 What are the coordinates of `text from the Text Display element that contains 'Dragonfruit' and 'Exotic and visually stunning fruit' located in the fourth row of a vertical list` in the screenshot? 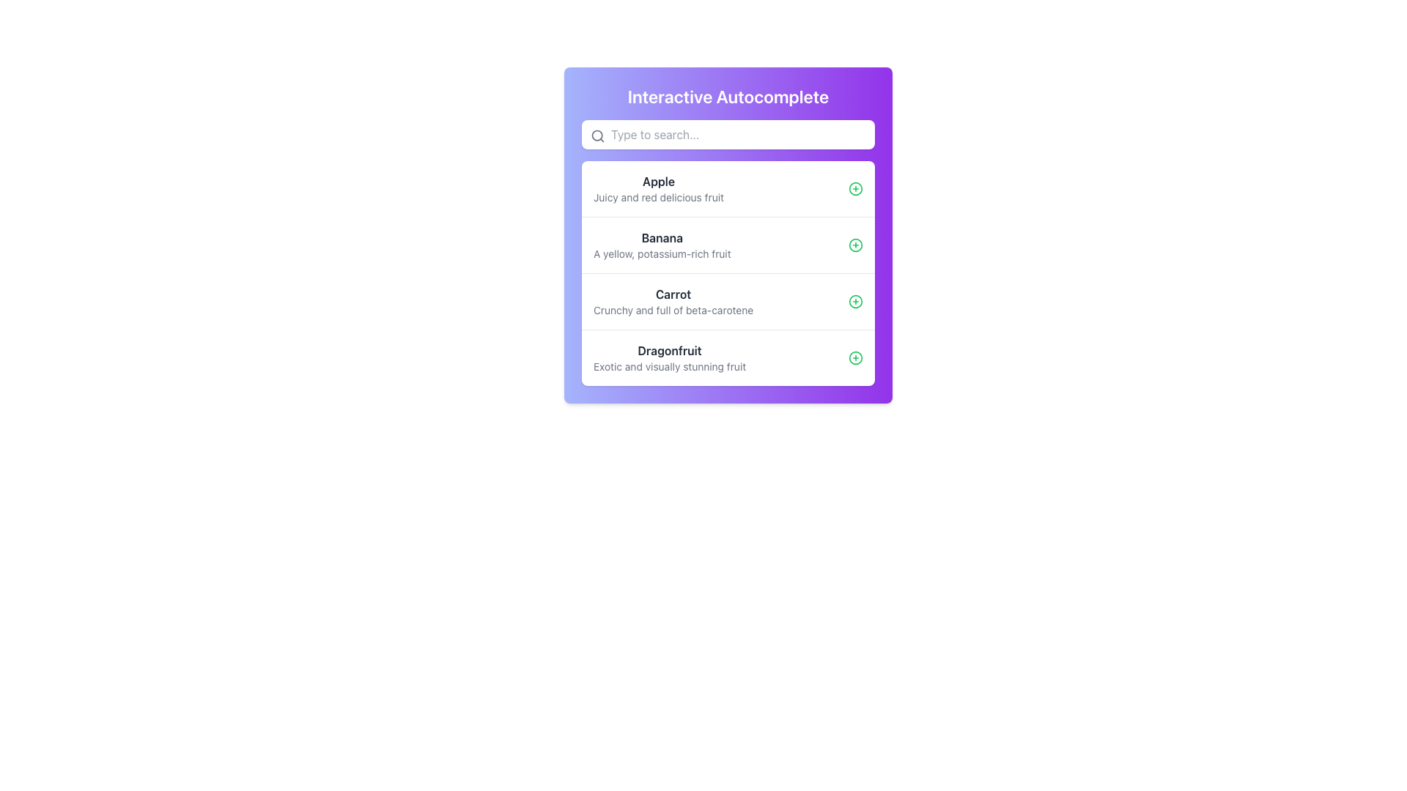 It's located at (669, 358).